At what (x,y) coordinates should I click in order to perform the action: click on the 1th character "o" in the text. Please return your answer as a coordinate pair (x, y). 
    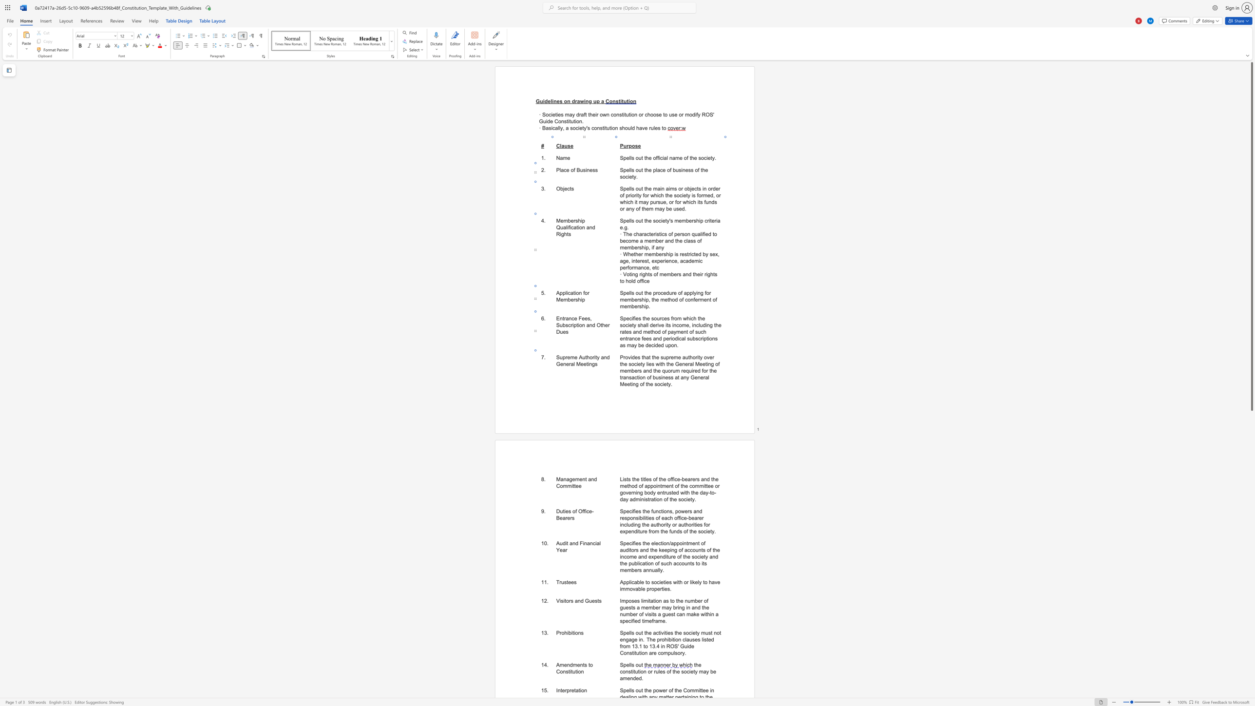
    Looking at the image, I should click on (591, 664).